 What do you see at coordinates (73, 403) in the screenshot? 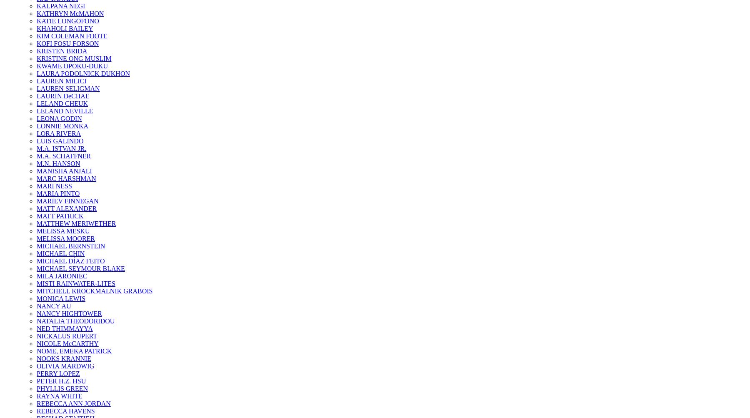
I see `'REBECCA ANN JORDAN'` at bounding box center [73, 403].